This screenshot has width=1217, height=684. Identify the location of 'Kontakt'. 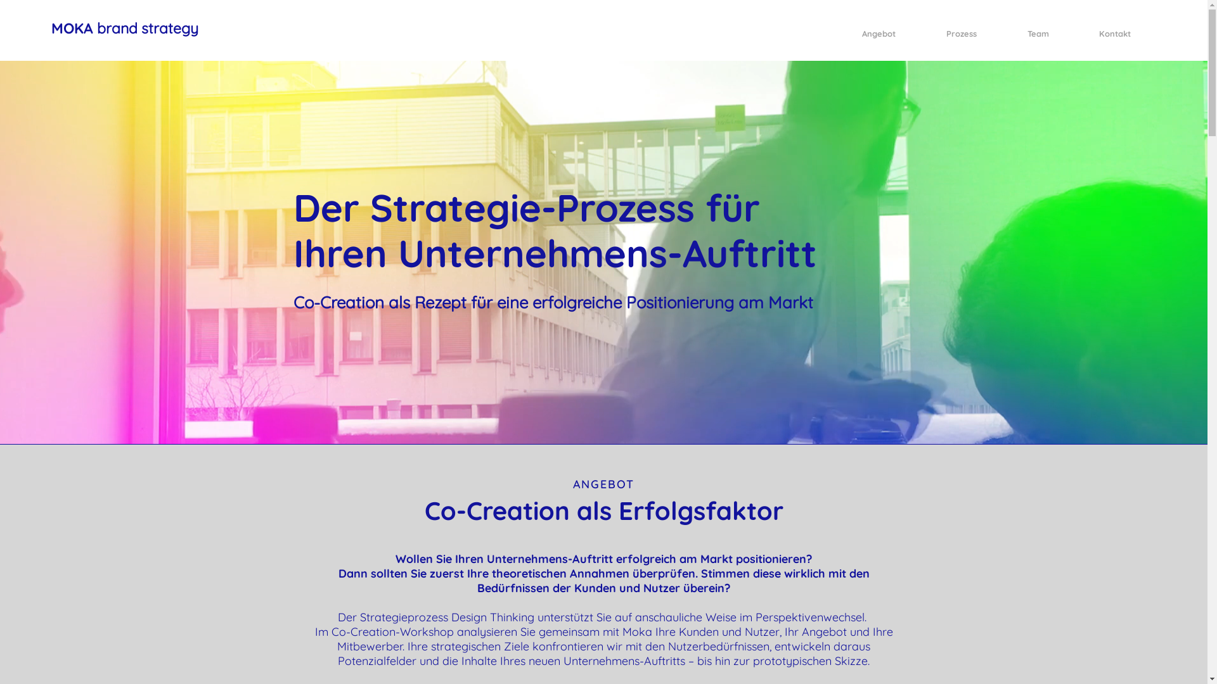
(1114, 33).